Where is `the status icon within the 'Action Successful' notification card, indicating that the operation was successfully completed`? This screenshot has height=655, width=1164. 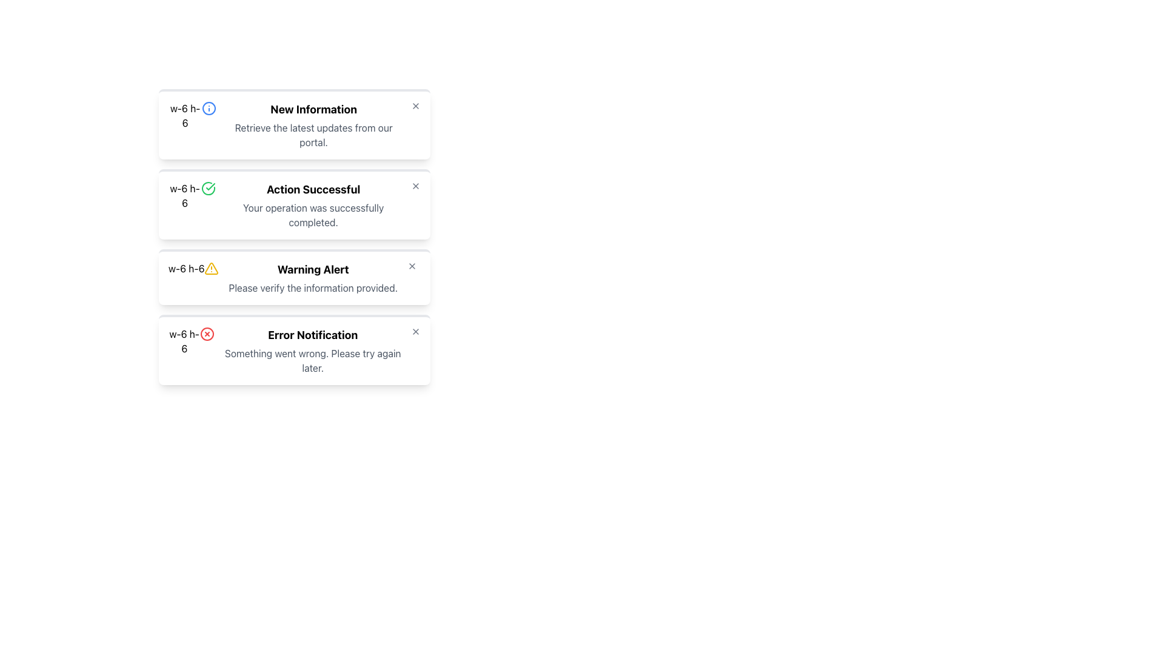 the status icon within the 'Action Successful' notification card, indicating that the operation was successfully completed is located at coordinates (209, 189).